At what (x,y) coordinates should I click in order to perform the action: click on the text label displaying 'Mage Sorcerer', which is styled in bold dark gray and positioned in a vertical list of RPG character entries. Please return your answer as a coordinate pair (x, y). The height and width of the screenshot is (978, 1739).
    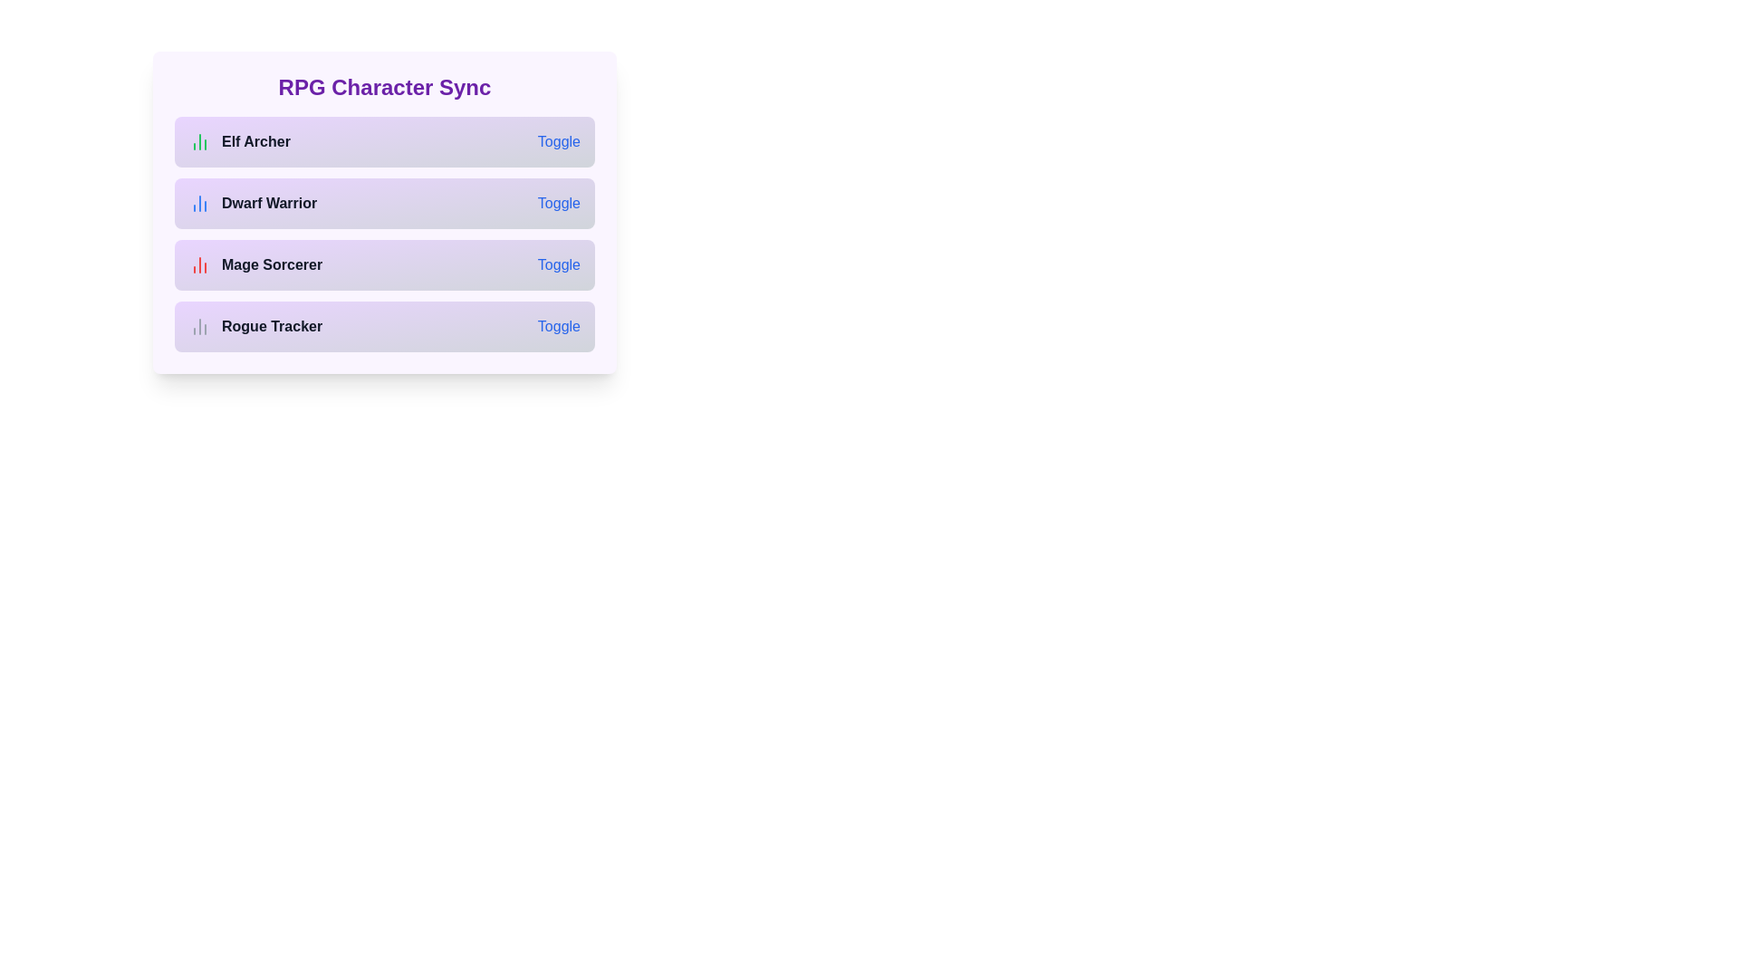
    Looking at the image, I should click on (271, 265).